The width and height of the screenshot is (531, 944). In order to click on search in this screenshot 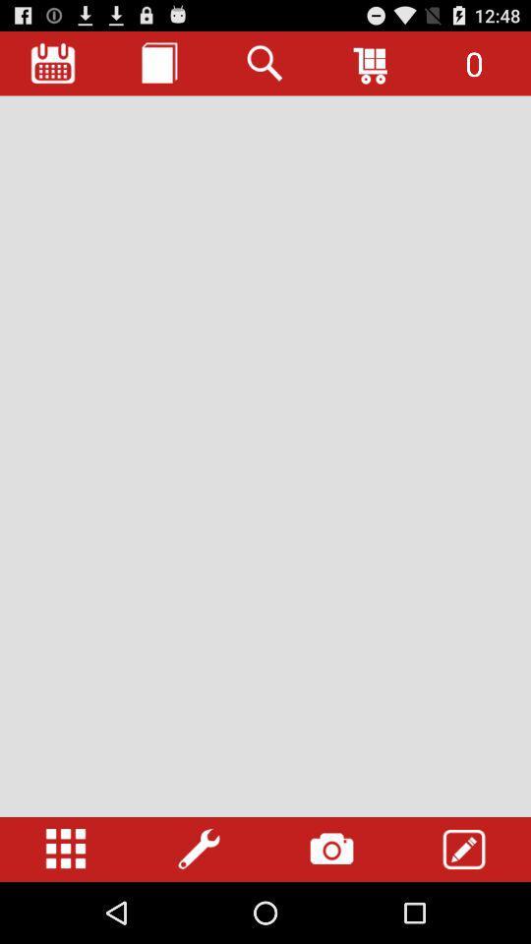, I will do `click(265, 63)`.